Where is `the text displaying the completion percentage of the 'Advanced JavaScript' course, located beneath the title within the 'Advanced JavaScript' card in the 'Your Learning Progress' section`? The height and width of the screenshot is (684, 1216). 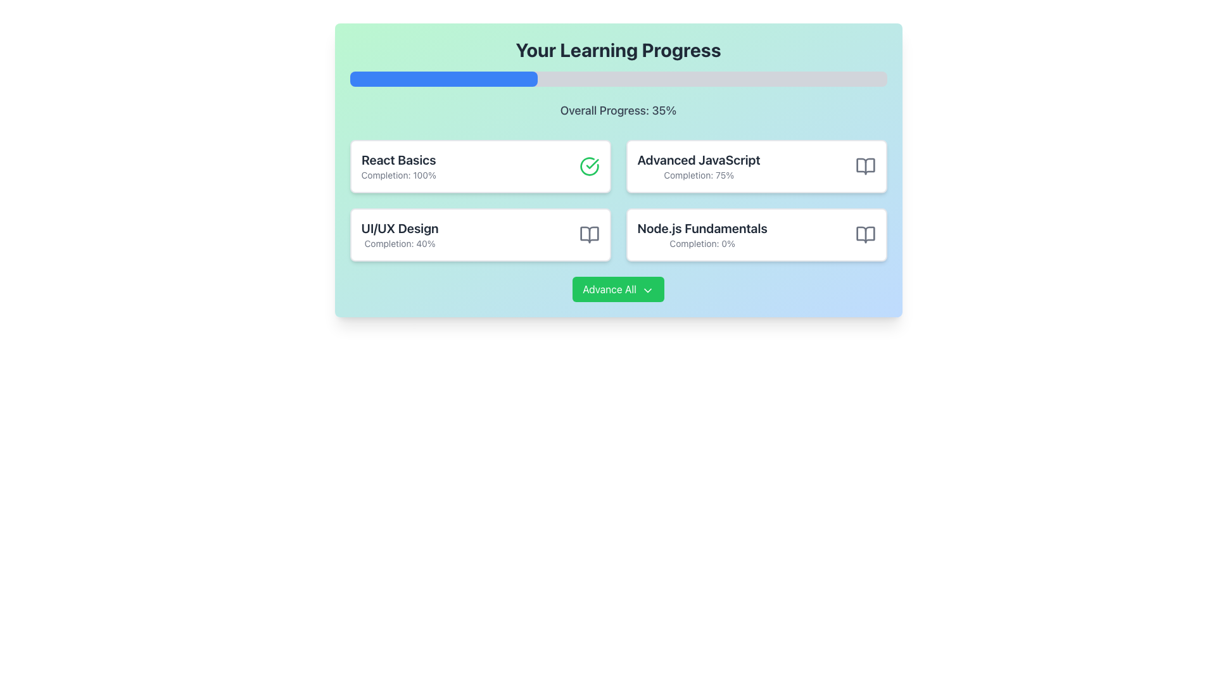
the text displaying the completion percentage of the 'Advanced JavaScript' course, located beneath the title within the 'Advanced JavaScript' card in the 'Your Learning Progress' section is located at coordinates (698, 175).